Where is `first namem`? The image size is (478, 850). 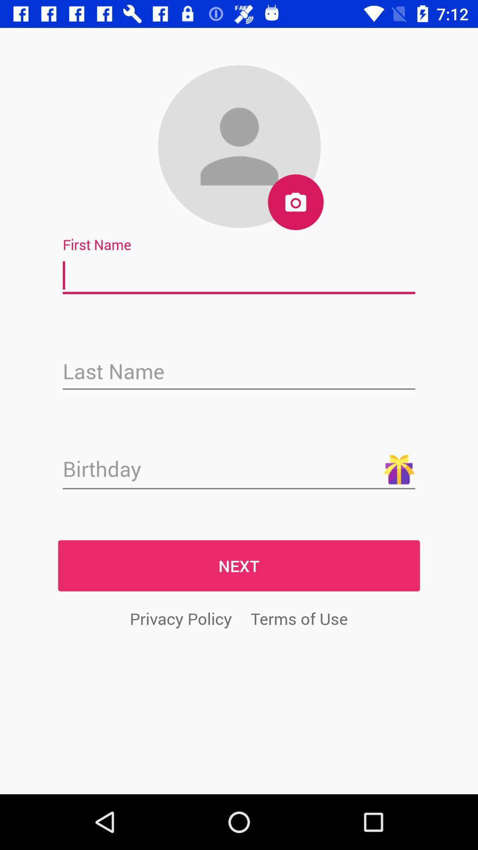 first namem is located at coordinates (239, 275).